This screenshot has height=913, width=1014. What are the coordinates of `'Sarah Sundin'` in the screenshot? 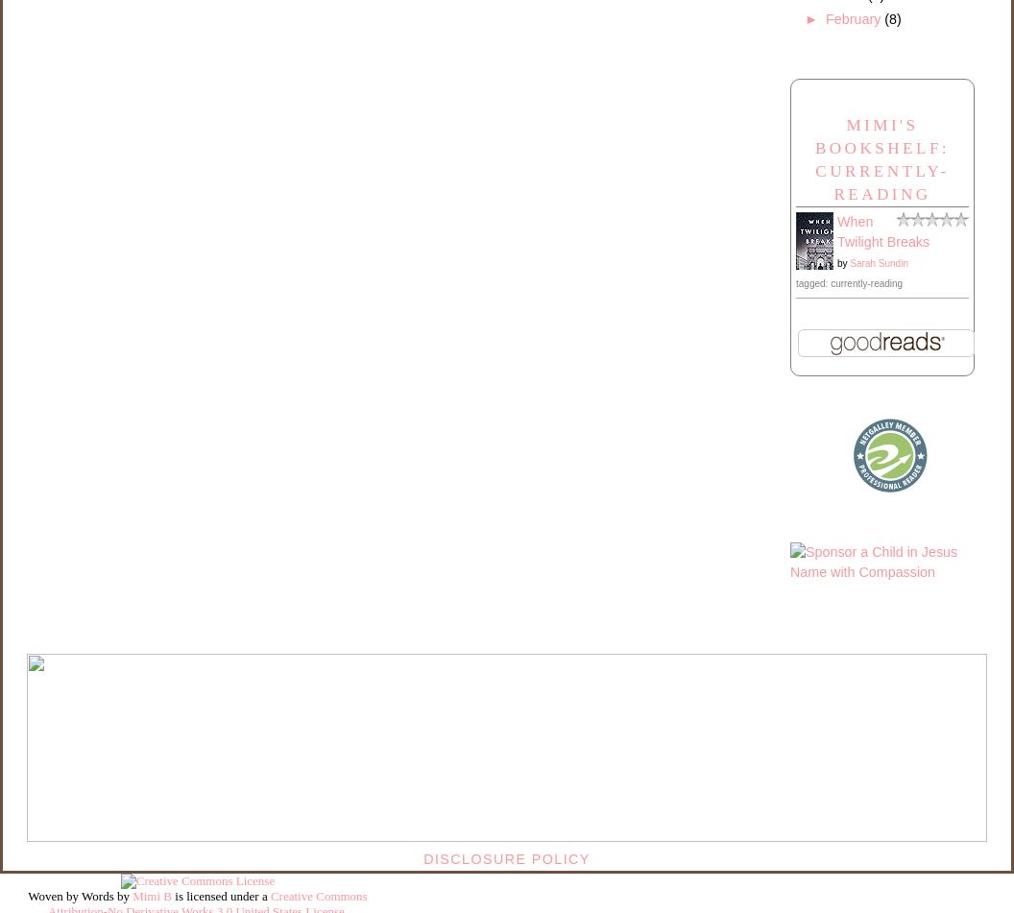 It's located at (878, 262).